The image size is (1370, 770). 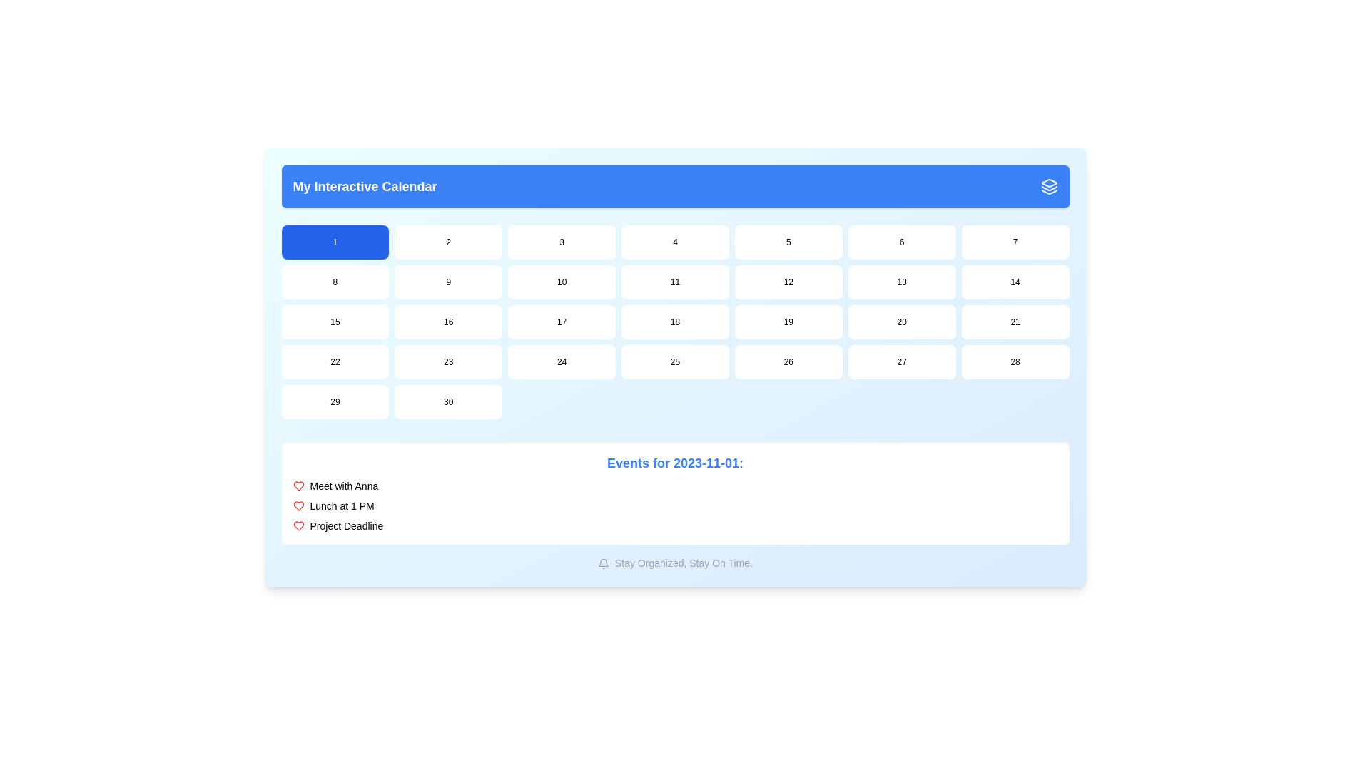 What do you see at coordinates (447, 401) in the screenshot?
I see `the calendar button representing the 30th day, located in the bottom-right corner of the 7x5 grid` at bounding box center [447, 401].